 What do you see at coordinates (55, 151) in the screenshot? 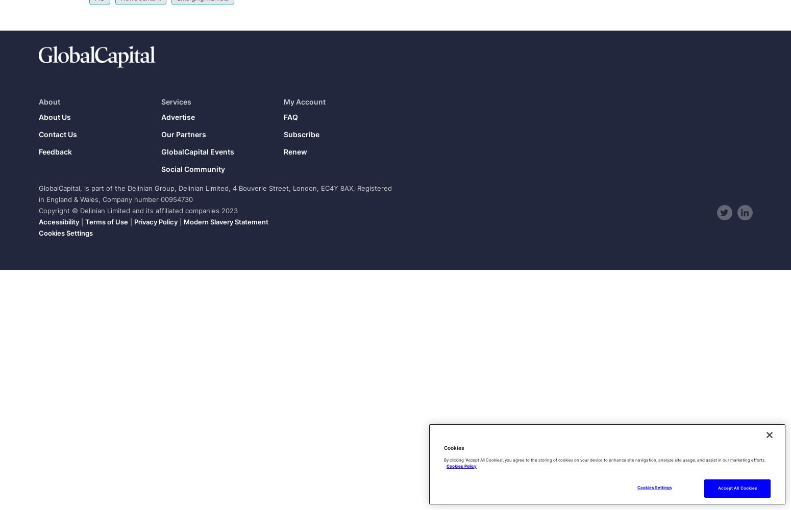
I see `'Feedback'` at bounding box center [55, 151].